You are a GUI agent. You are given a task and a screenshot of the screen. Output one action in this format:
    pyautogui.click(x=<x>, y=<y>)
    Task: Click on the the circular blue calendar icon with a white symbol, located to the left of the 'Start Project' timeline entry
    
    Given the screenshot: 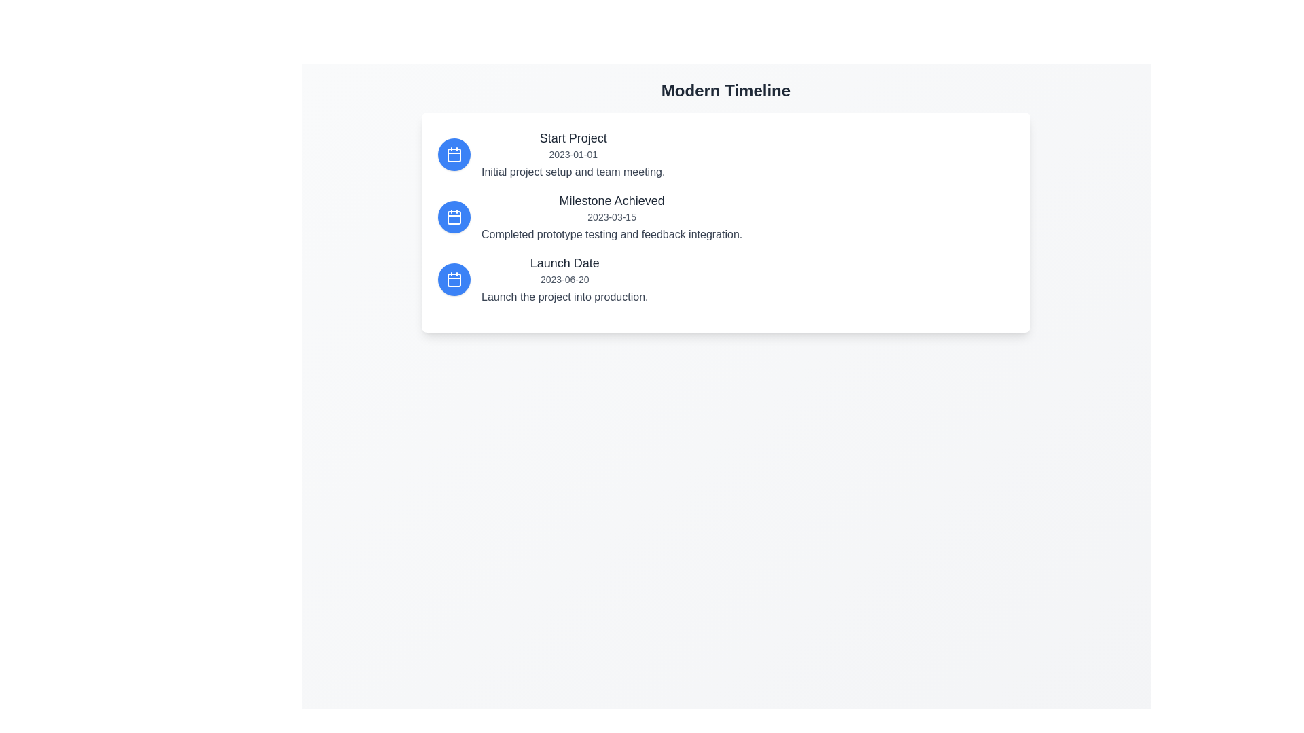 What is the action you would take?
    pyautogui.click(x=454, y=153)
    